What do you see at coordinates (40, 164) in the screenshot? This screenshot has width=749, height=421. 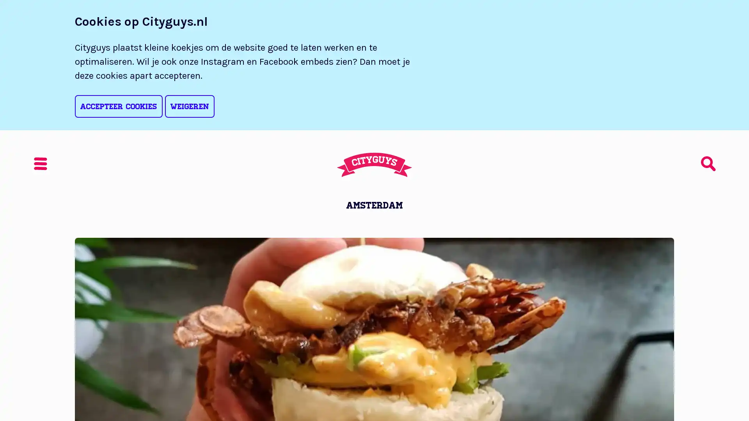 I see `Menu` at bounding box center [40, 164].